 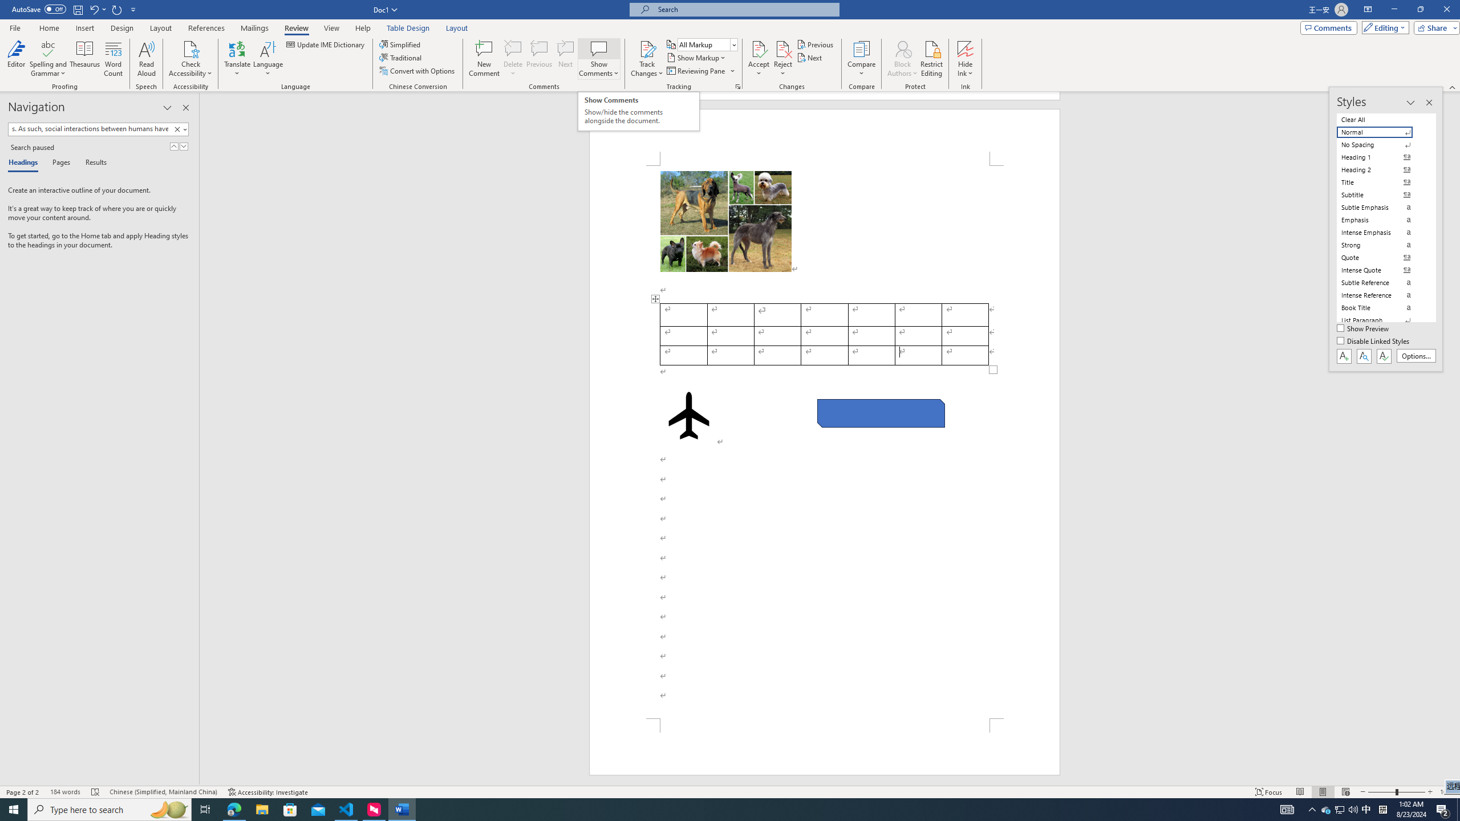 I want to click on 'Spelling and Grammar Check Errors', so click(x=95, y=792).